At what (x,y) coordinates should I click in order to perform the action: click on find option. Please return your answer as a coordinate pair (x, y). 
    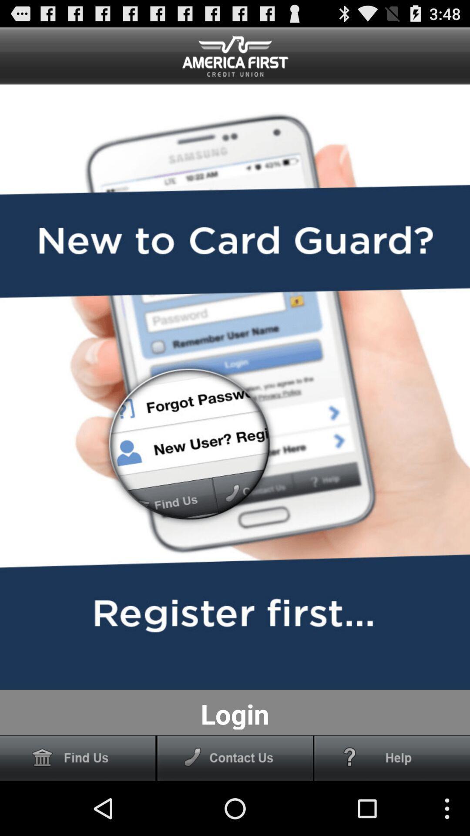
    Looking at the image, I should click on (77, 758).